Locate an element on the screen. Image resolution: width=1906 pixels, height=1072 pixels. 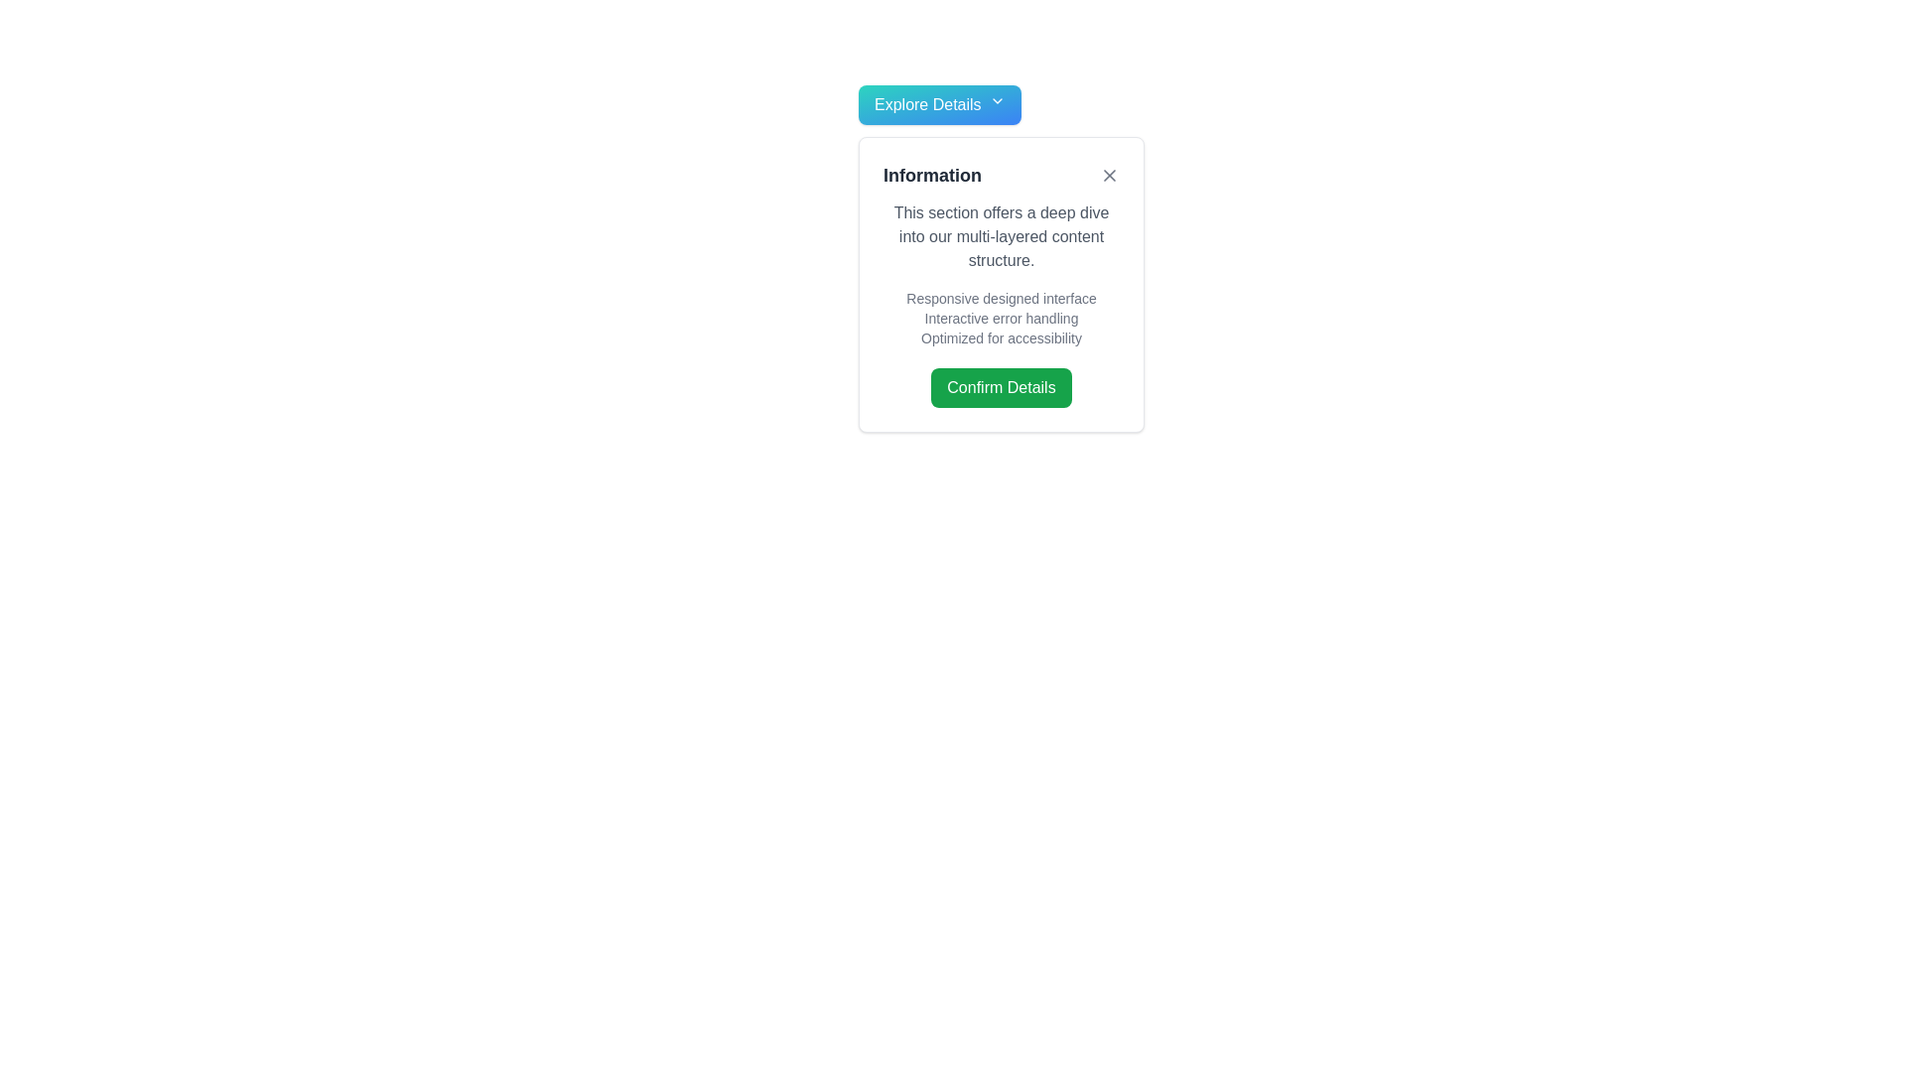
the static text label that provides information about a specific feature of the application is located at coordinates (1001, 298).